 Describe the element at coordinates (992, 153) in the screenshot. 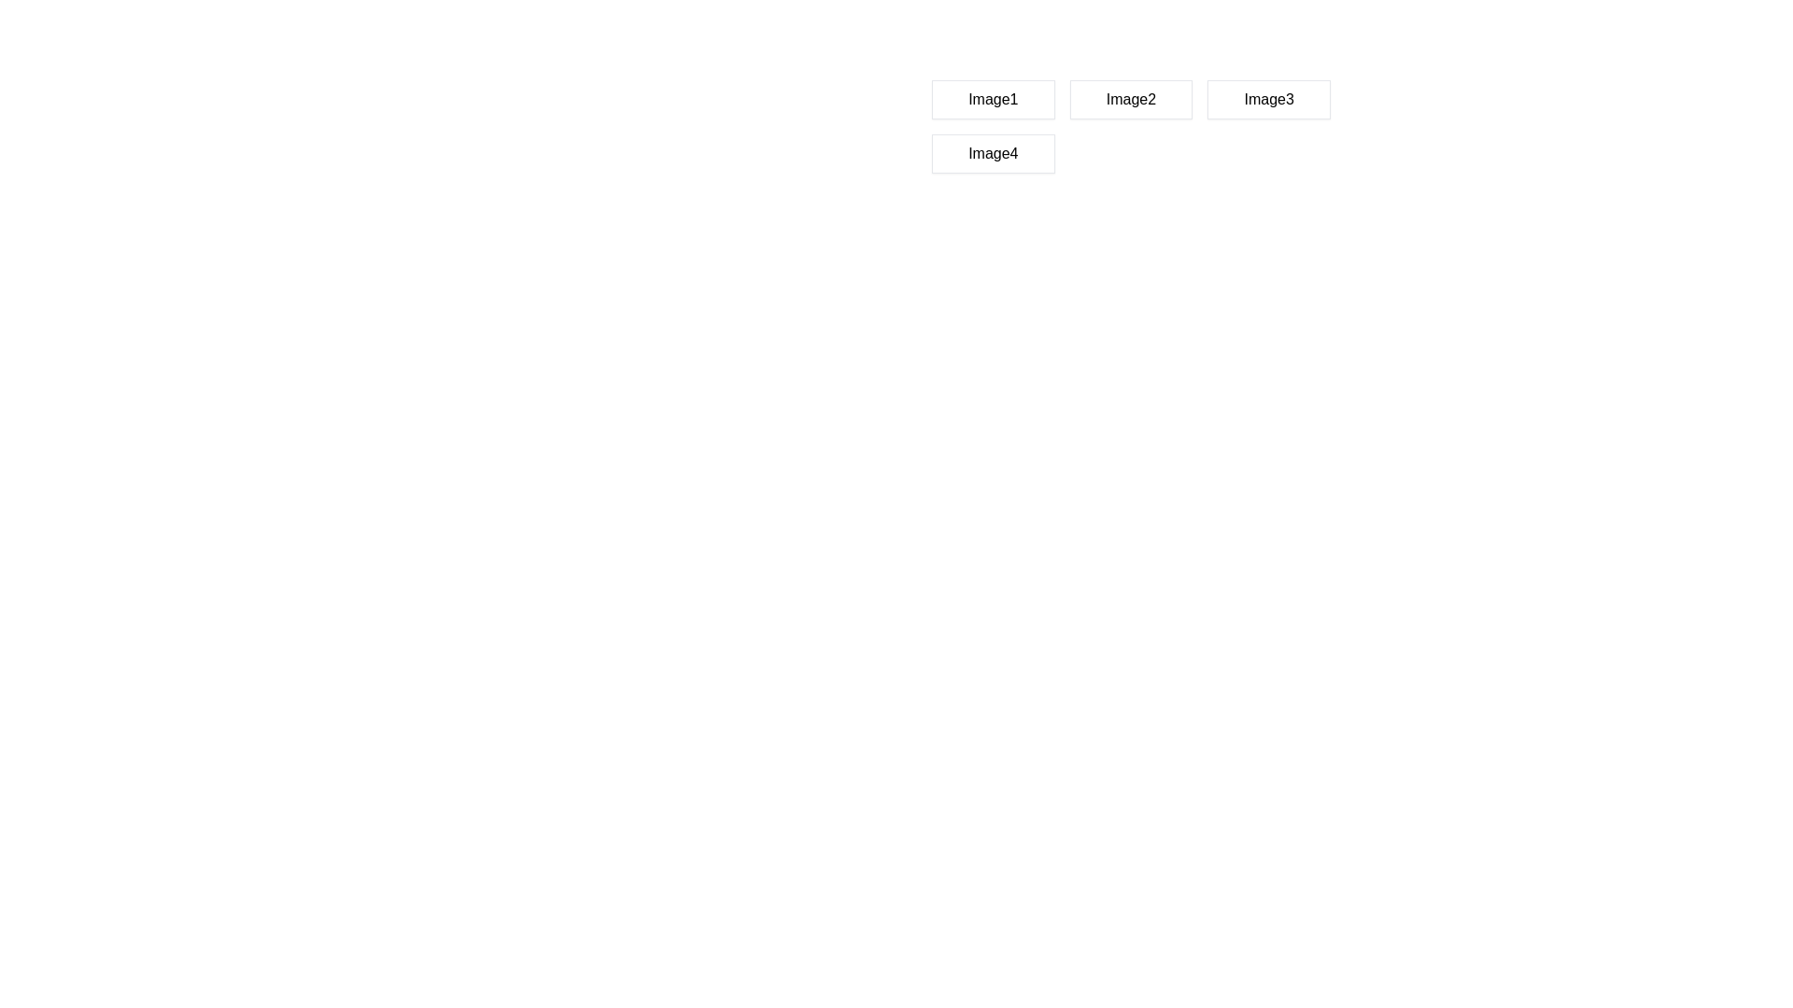

I see `the button labeled 'Image4' located` at that location.